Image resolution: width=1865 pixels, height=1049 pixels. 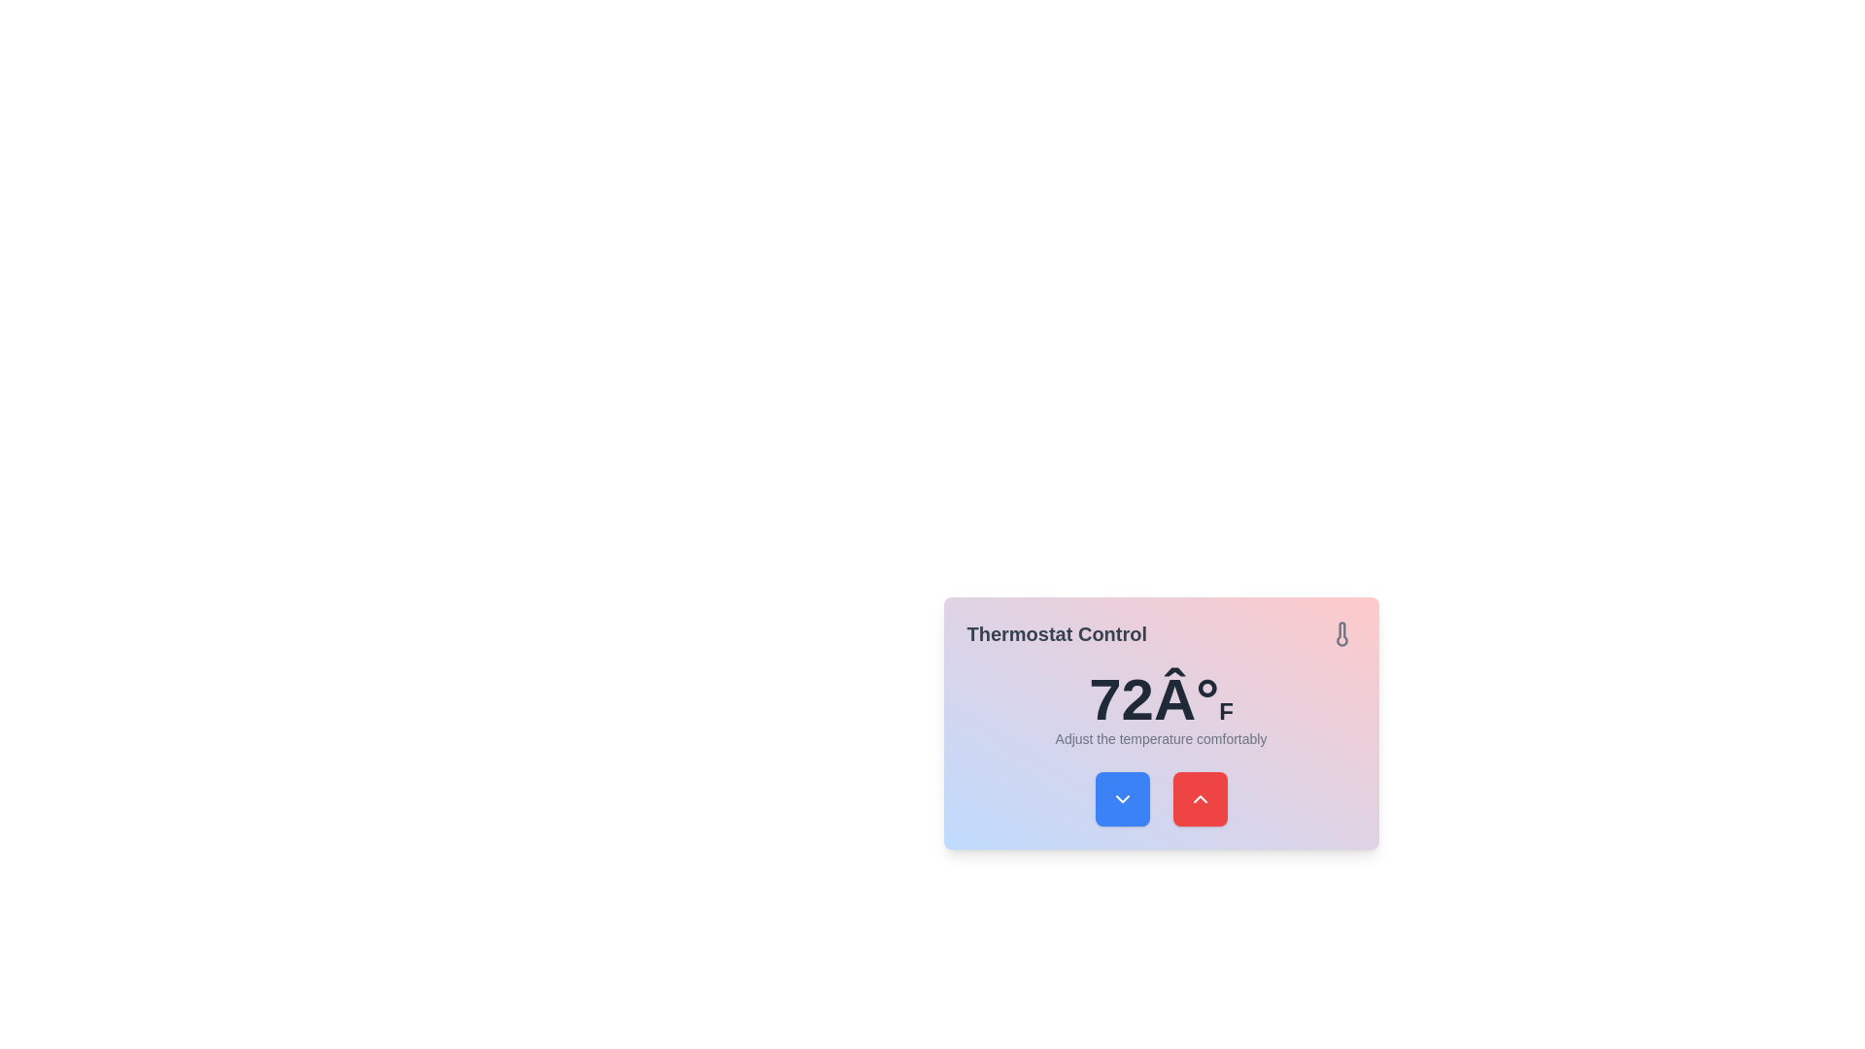 What do you see at coordinates (1161, 700) in the screenshot?
I see `the static text display that indicates the current temperature setting, located centrally beneath the 'Thermostat Control' label` at bounding box center [1161, 700].